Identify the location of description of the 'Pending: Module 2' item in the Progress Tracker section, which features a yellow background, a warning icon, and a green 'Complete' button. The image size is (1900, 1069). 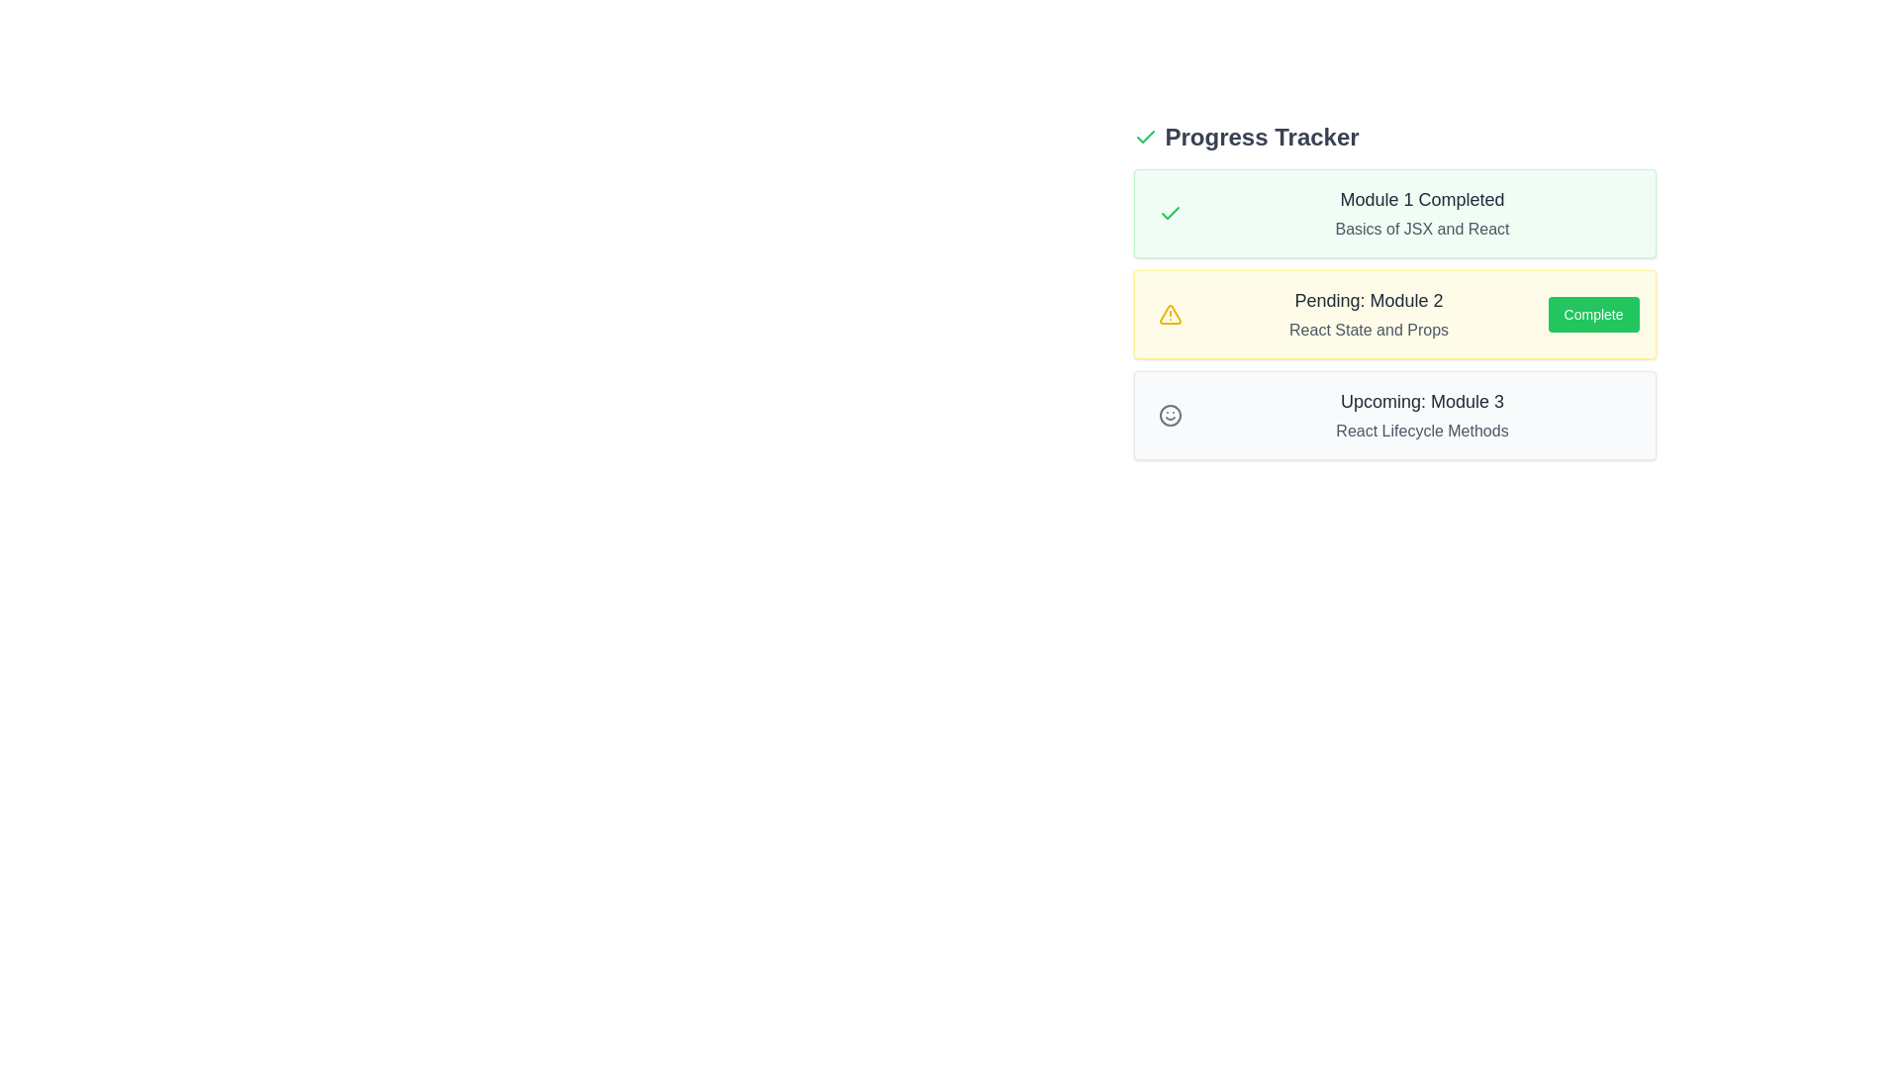
(1393, 313).